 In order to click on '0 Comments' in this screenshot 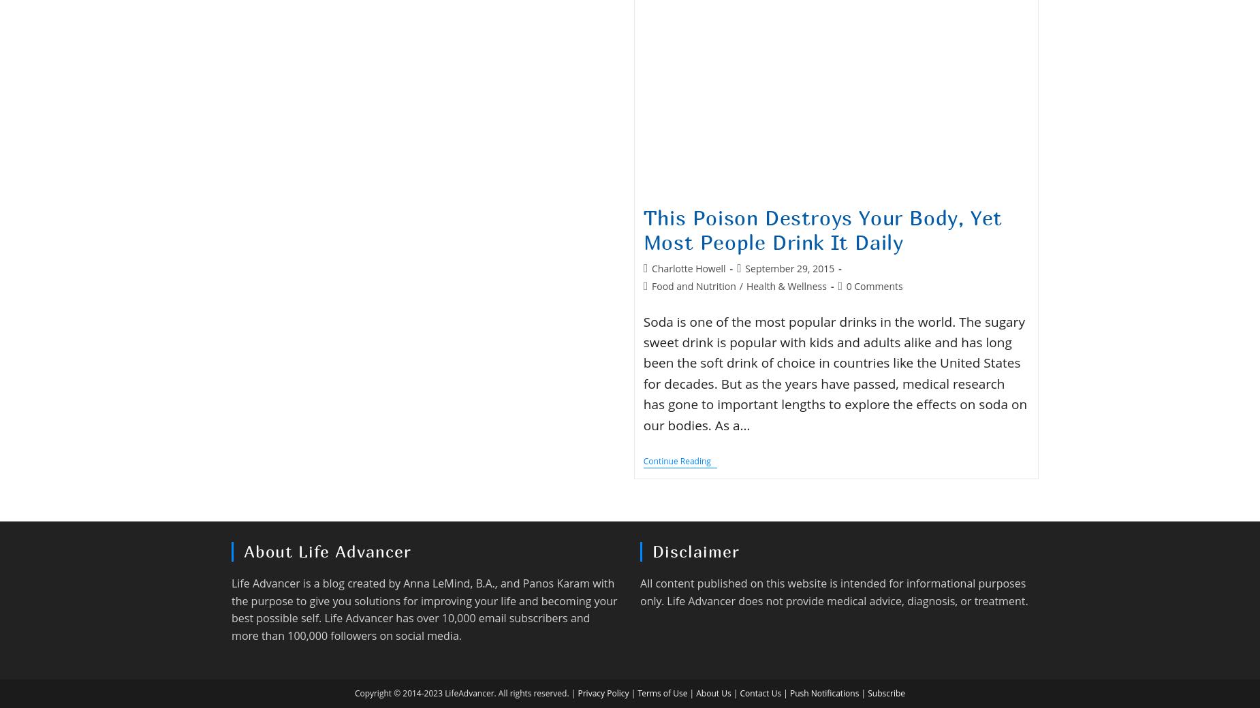, I will do `click(873, 285)`.